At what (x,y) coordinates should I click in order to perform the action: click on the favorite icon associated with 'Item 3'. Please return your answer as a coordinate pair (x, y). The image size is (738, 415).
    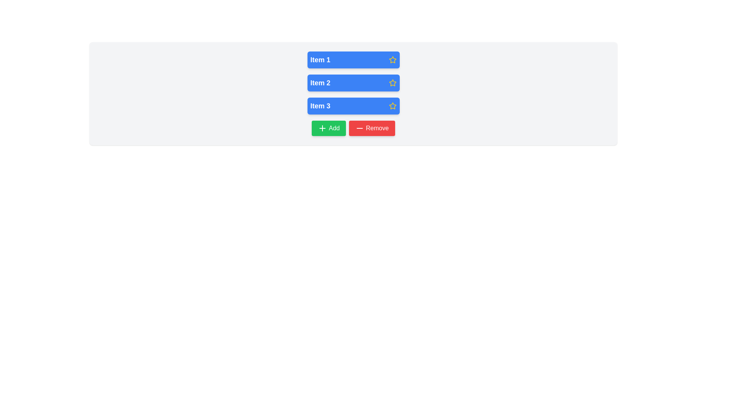
    Looking at the image, I should click on (392, 106).